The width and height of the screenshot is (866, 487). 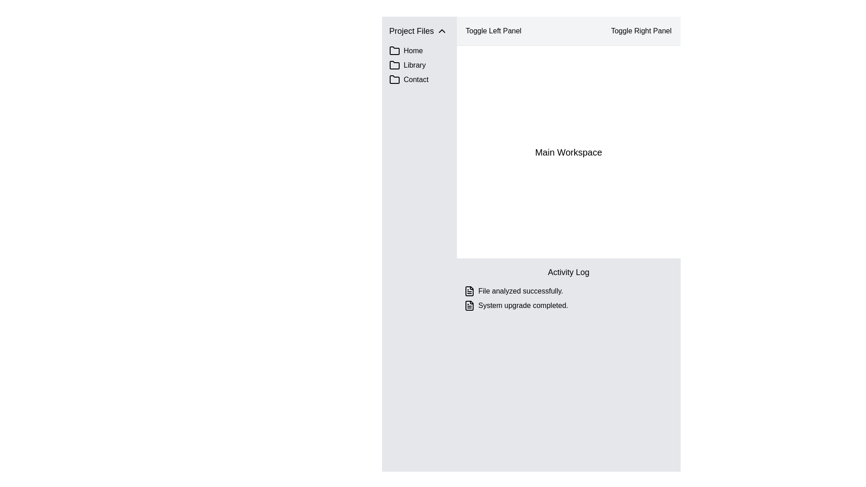 What do you see at coordinates (469, 291) in the screenshot?
I see `the icon resembling a text document located` at bounding box center [469, 291].